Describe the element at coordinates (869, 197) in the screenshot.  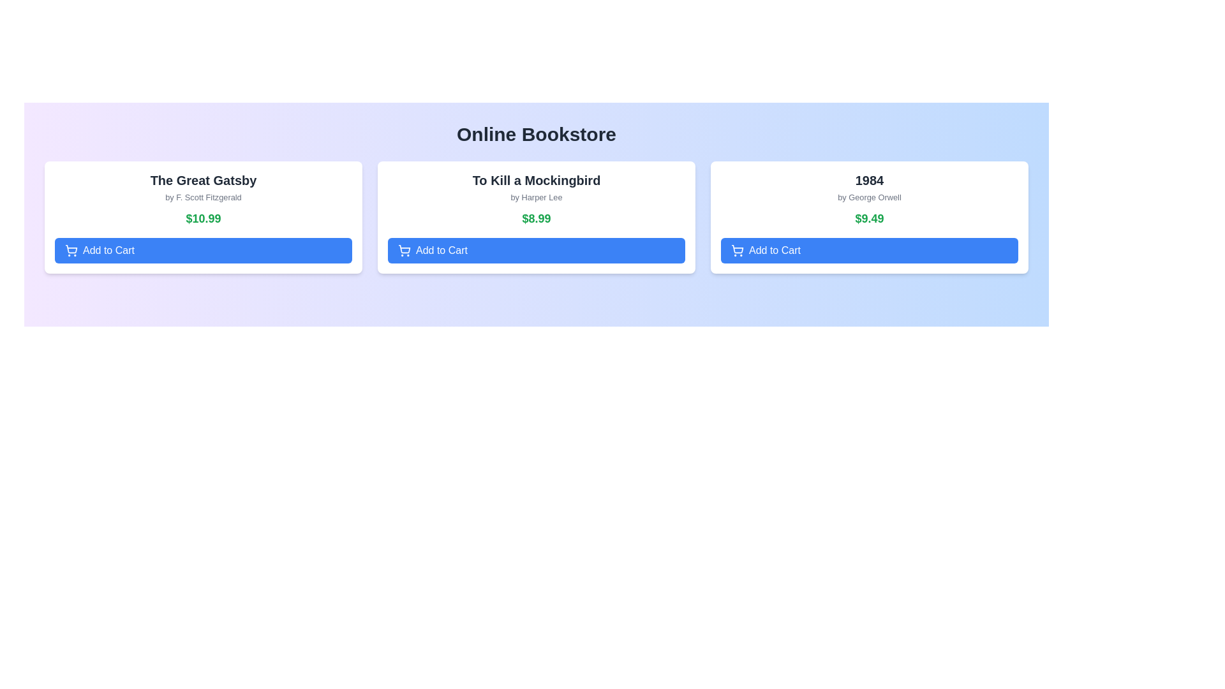
I see `the static text label indicating the author of the book '1984', which is located between the title and the price in the book details section` at that location.